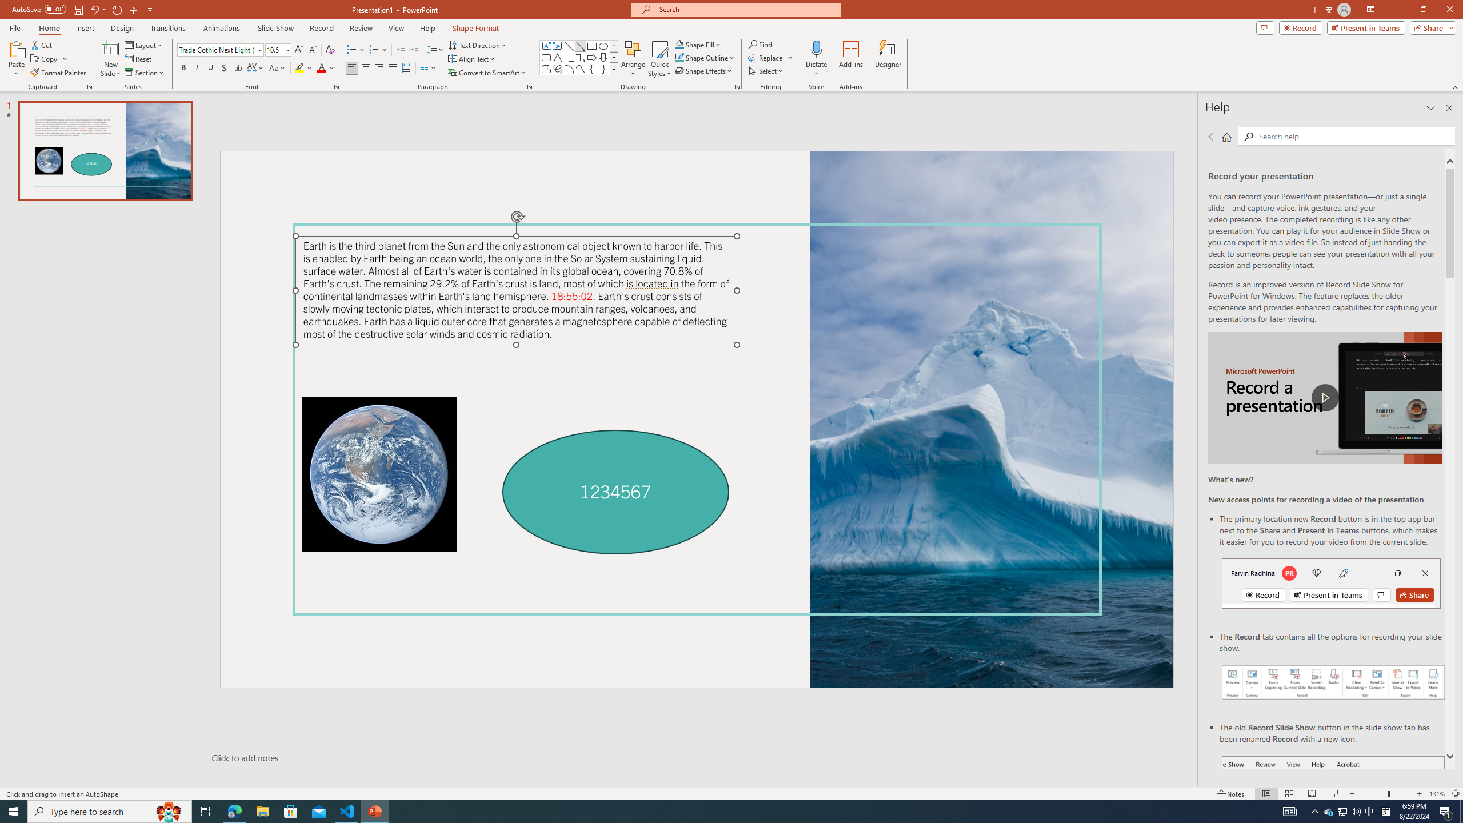 This screenshot has height=823, width=1463. Describe the element at coordinates (1437, 794) in the screenshot. I see `'Zoom 131%'` at that location.